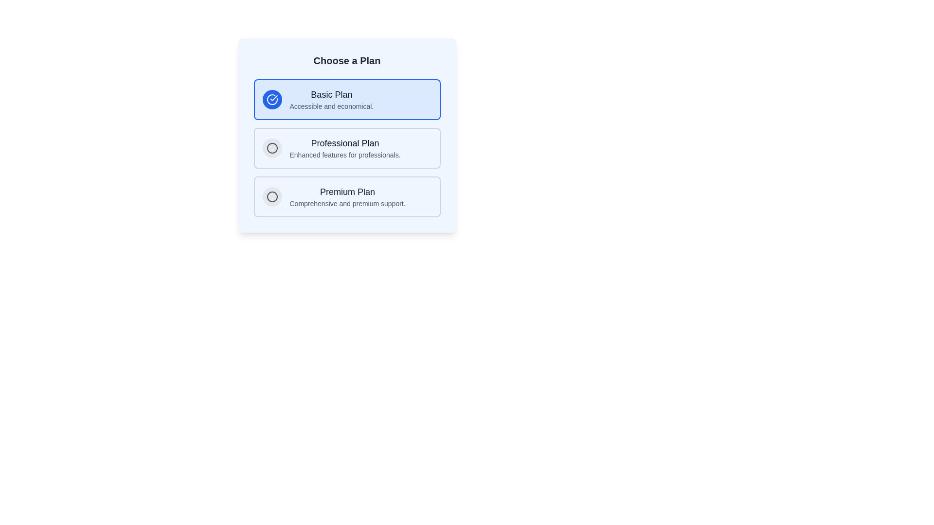 The height and width of the screenshot is (525, 934). Describe the element at coordinates (331, 106) in the screenshot. I see `the text label that reads 'Accessible and economical.', which is located below the 'Basic Plan' header in the first plan card` at that location.